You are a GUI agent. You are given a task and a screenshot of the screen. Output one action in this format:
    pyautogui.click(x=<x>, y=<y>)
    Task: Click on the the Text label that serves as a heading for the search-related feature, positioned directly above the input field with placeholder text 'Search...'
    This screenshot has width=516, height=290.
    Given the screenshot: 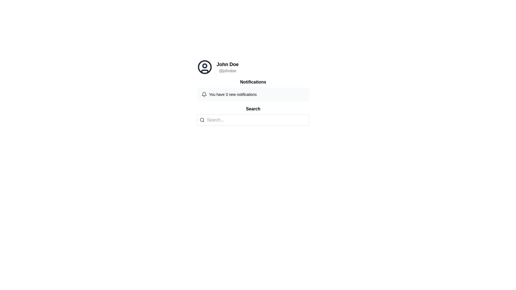 What is the action you would take?
    pyautogui.click(x=253, y=109)
    